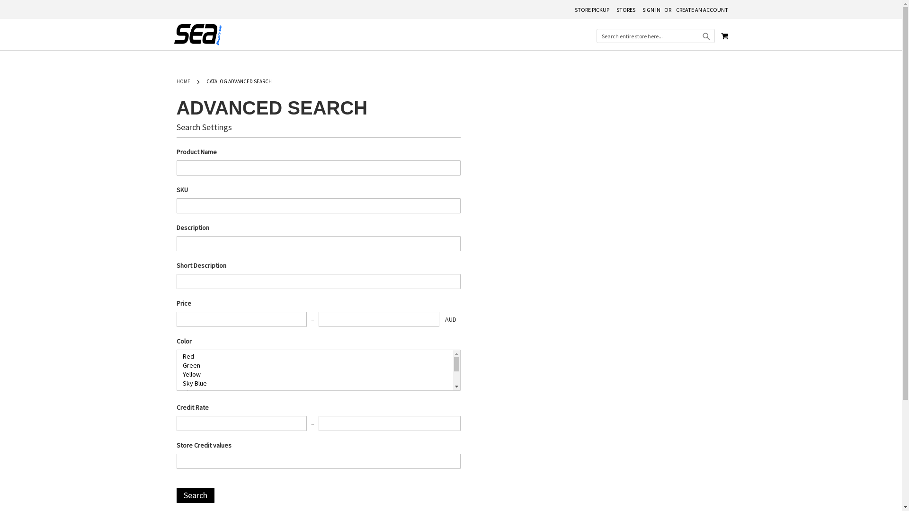  I want to click on 'Short Description', so click(318, 281).